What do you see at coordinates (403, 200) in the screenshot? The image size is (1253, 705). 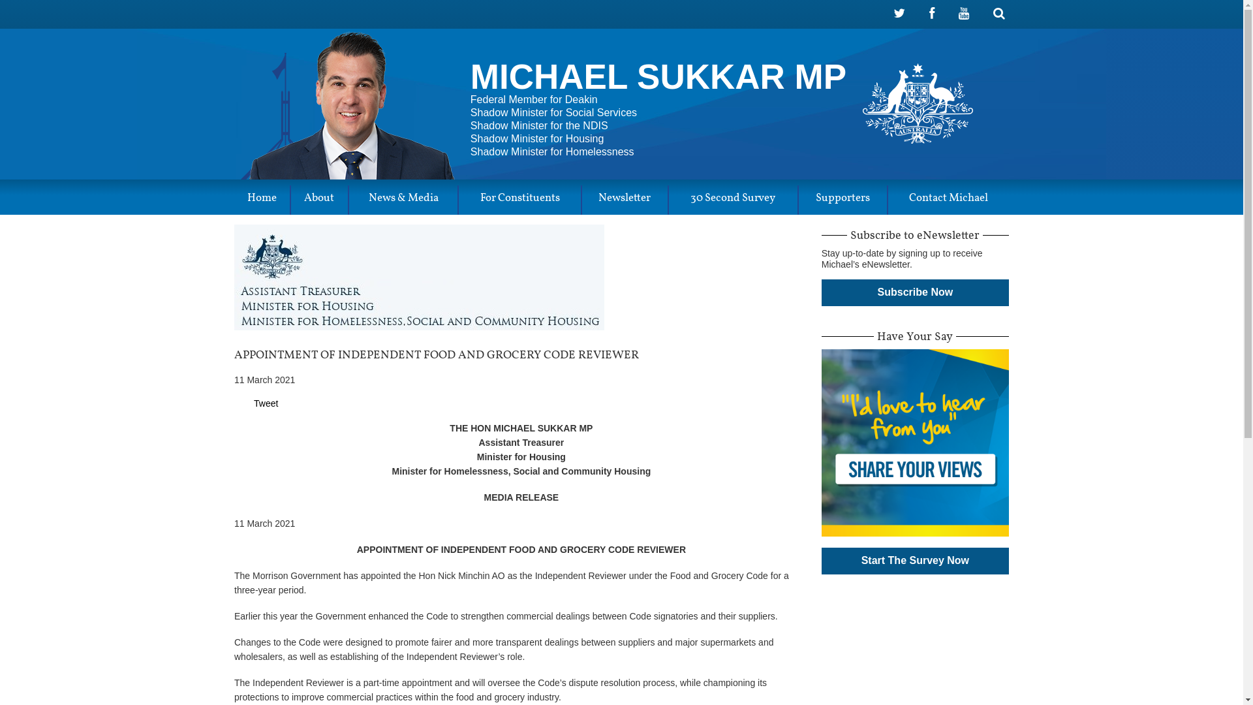 I see `'News & Media'` at bounding box center [403, 200].